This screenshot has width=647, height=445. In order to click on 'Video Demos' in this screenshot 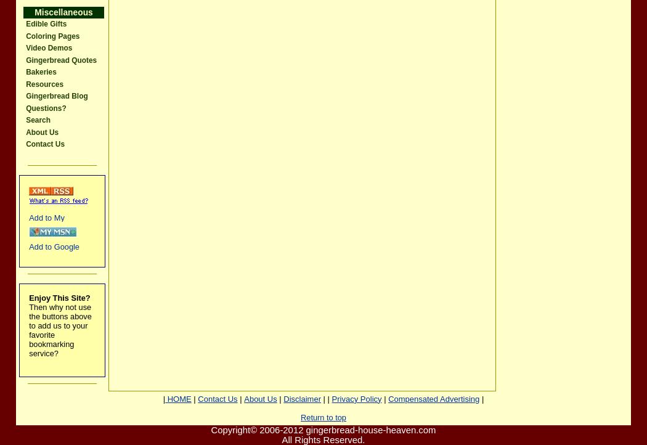, I will do `click(49, 47)`.